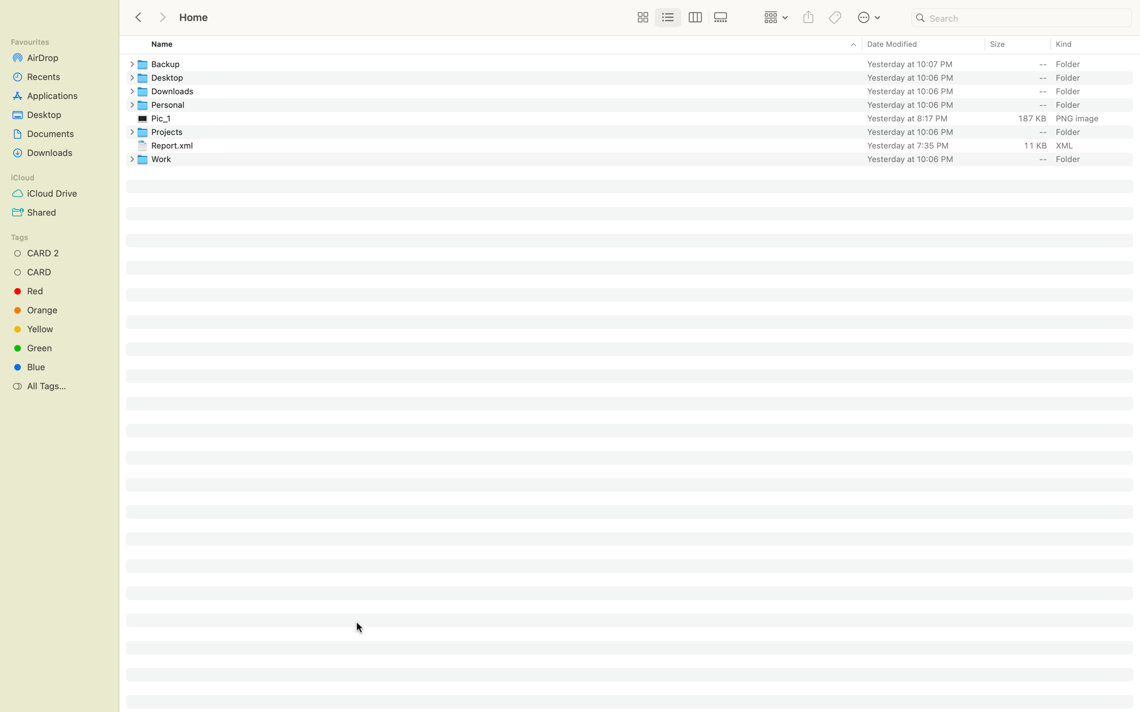 Image resolution: width=1140 pixels, height=712 pixels. I want to click on the Work folder and then return to the previous folder, so click(637, 158).